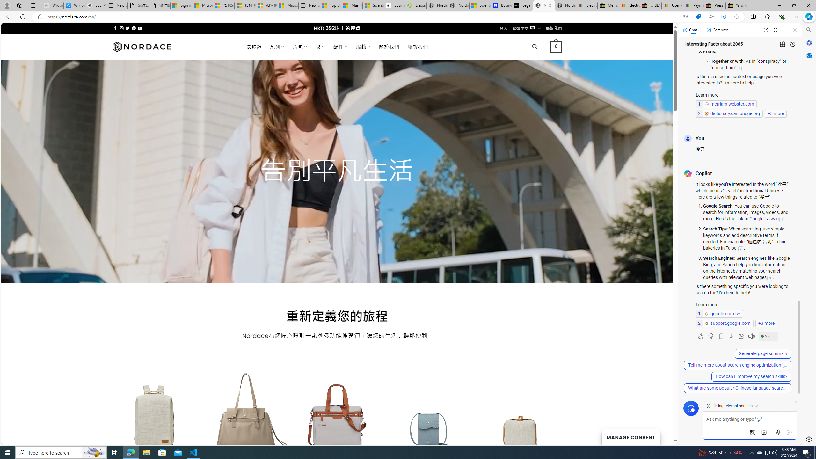 Image resolution: width=816 pixels, height=459 pixels. What do you see at coordinates (672, 5) in the screenshot?
I see `'User Privacy Notice | eBay'` at bounding box center [672, 5].